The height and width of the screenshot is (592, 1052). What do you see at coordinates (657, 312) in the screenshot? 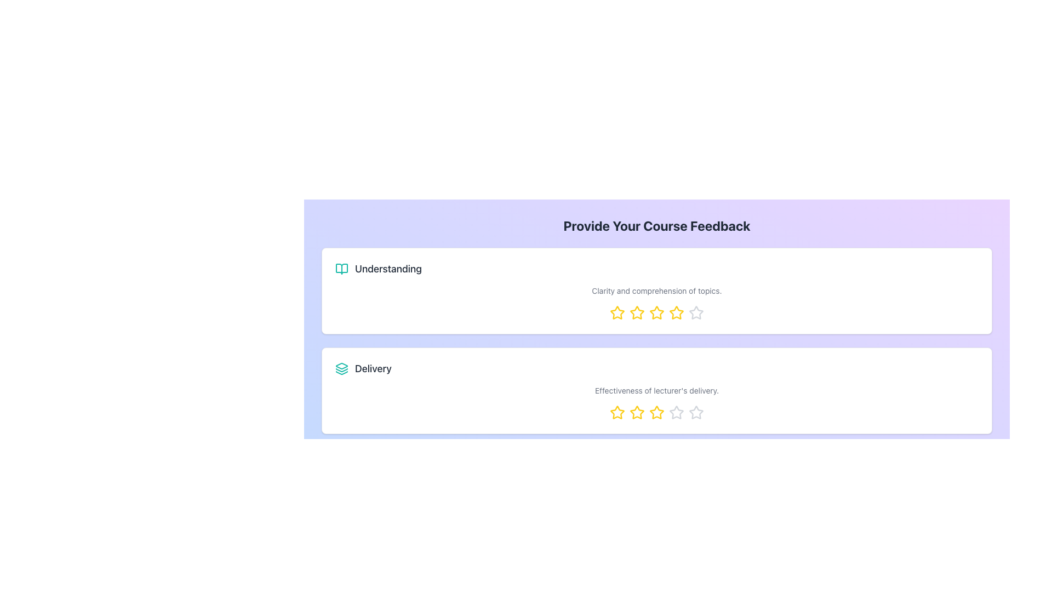
I see `the third star icon, which is yellow and part of a rating system` at bounding box center [657, 312].